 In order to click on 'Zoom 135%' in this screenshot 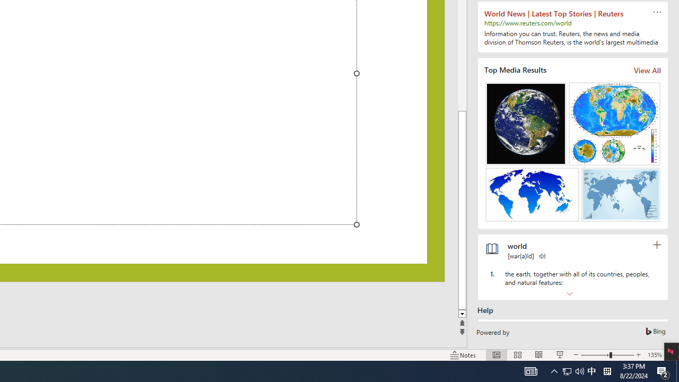, I will do `click(654, 355)`.